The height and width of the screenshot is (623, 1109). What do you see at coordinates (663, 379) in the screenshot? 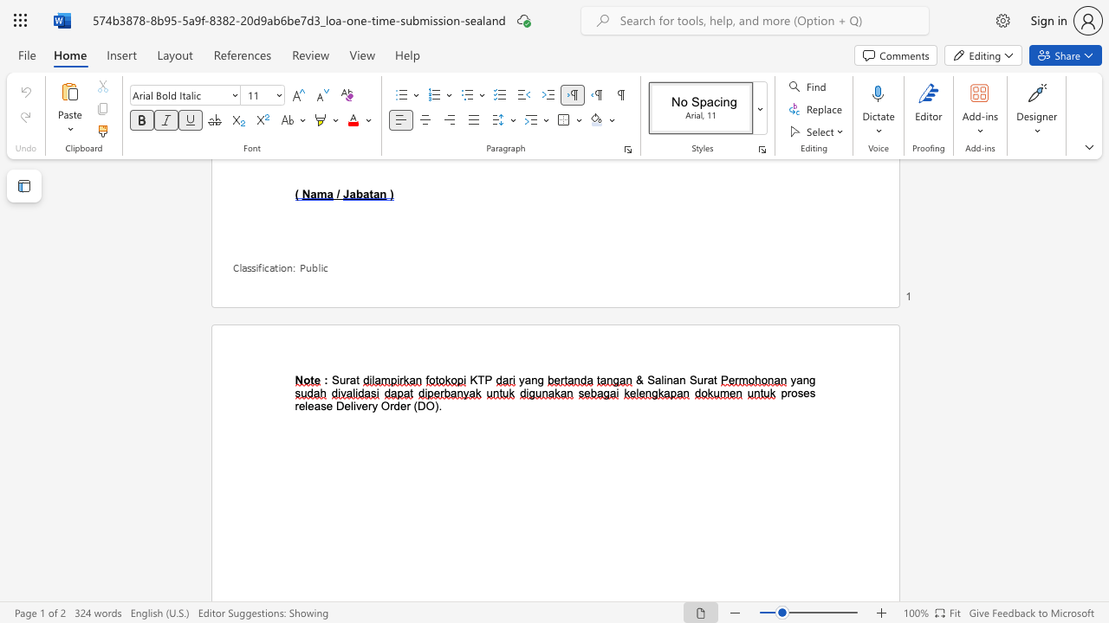
I see `the subset text "inan Sura" within the text "& Salinan Surat"` at bounding box center [663, 379].